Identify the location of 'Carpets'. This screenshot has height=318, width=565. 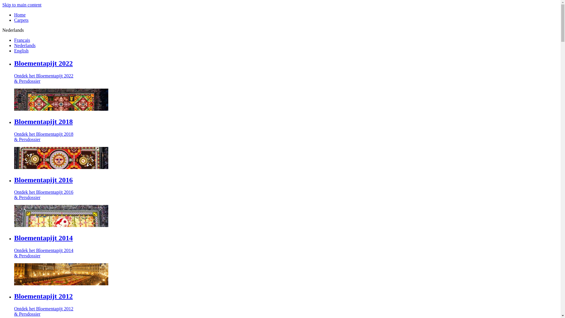
(21, 20).